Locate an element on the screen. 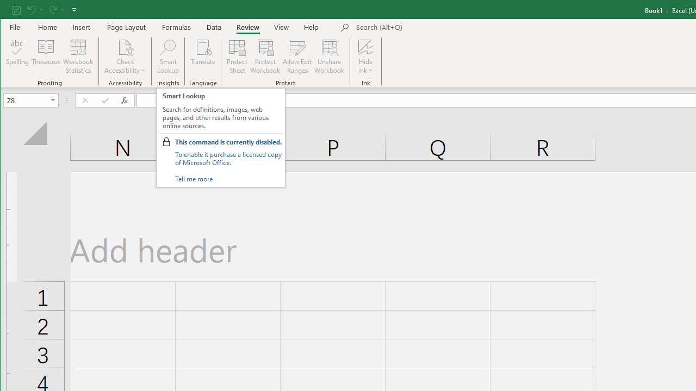 The width and height of the screenshot is (696, 391). 'Unshare Workbook' is located at coordinates (329, 56).